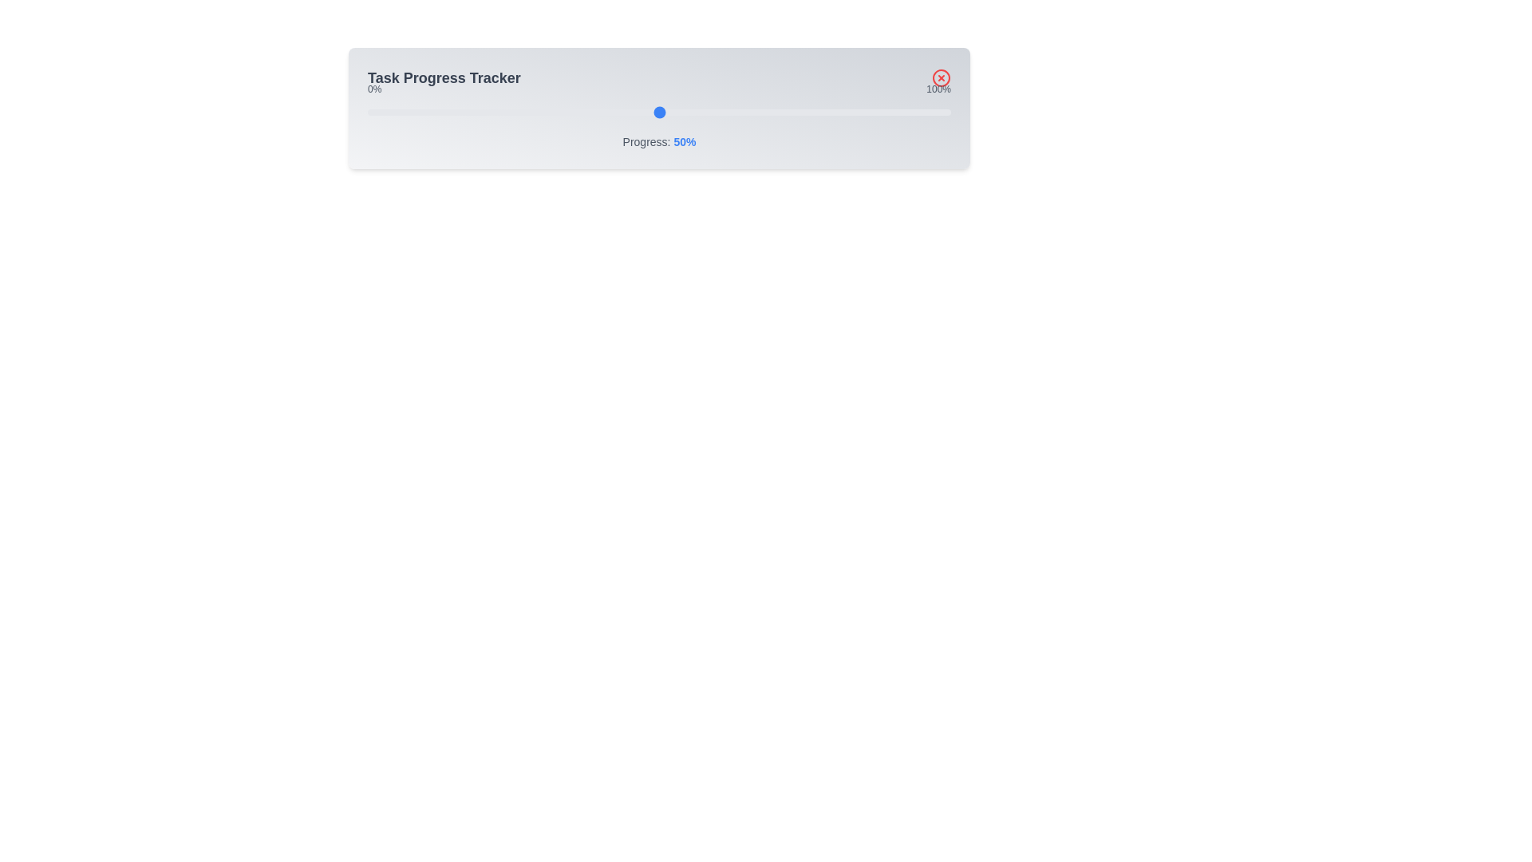  Describe the element at coordinates (366, 112) in the screenshot. I see `task progress` at that location.